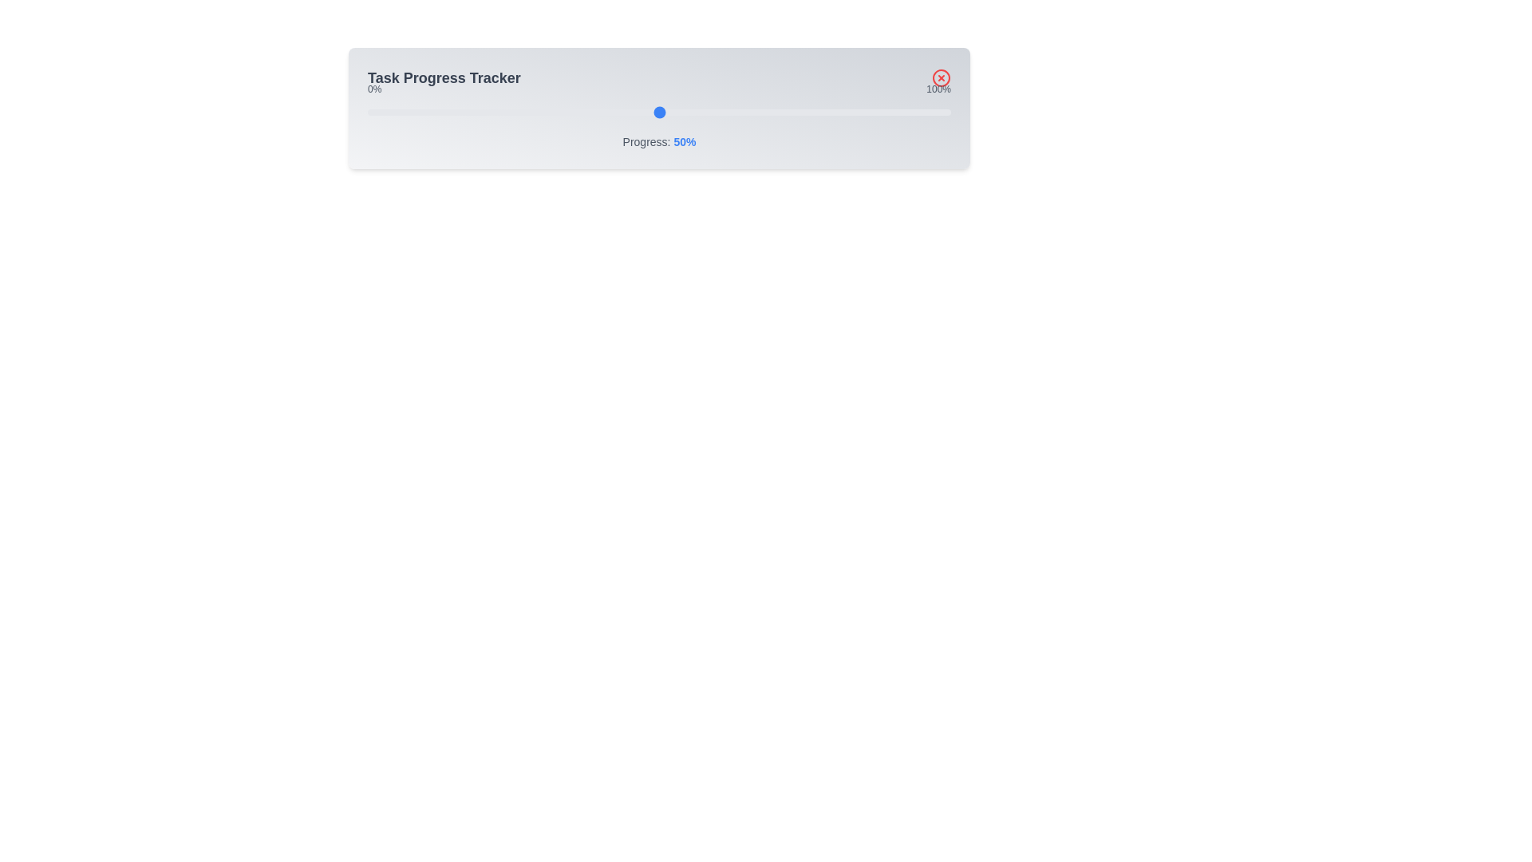  Describe the element at coordinates (366, 112) in the screenshot. I see `task progress` at that location.